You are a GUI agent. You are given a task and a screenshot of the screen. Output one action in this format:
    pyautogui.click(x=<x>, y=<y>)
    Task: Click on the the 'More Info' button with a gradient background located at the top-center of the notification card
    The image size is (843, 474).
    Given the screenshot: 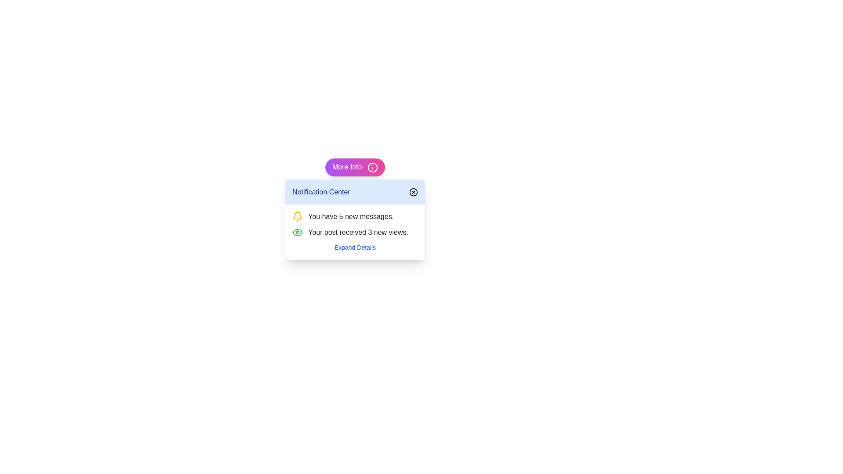 What is the action you would take?
    pyautogui.click(x=355, y=167)
    